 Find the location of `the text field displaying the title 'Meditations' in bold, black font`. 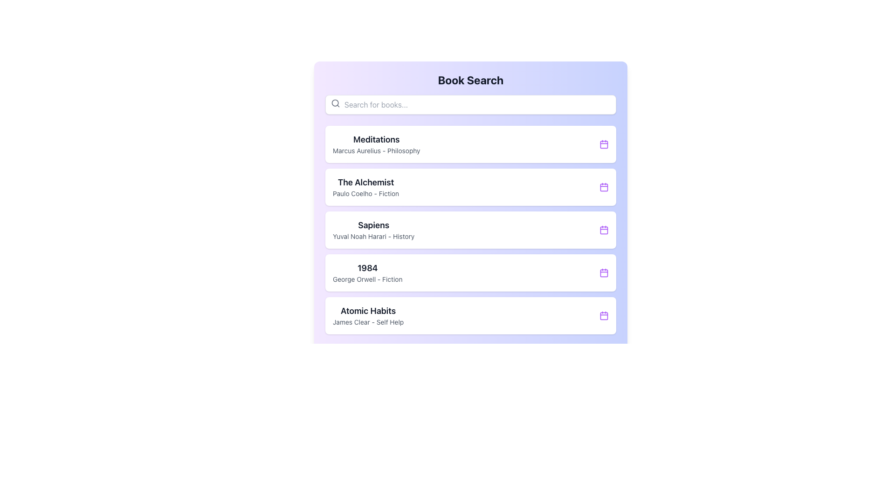

the text field displaying the title 'Meditations' in bold, black font is located at coordinates (376, 140).